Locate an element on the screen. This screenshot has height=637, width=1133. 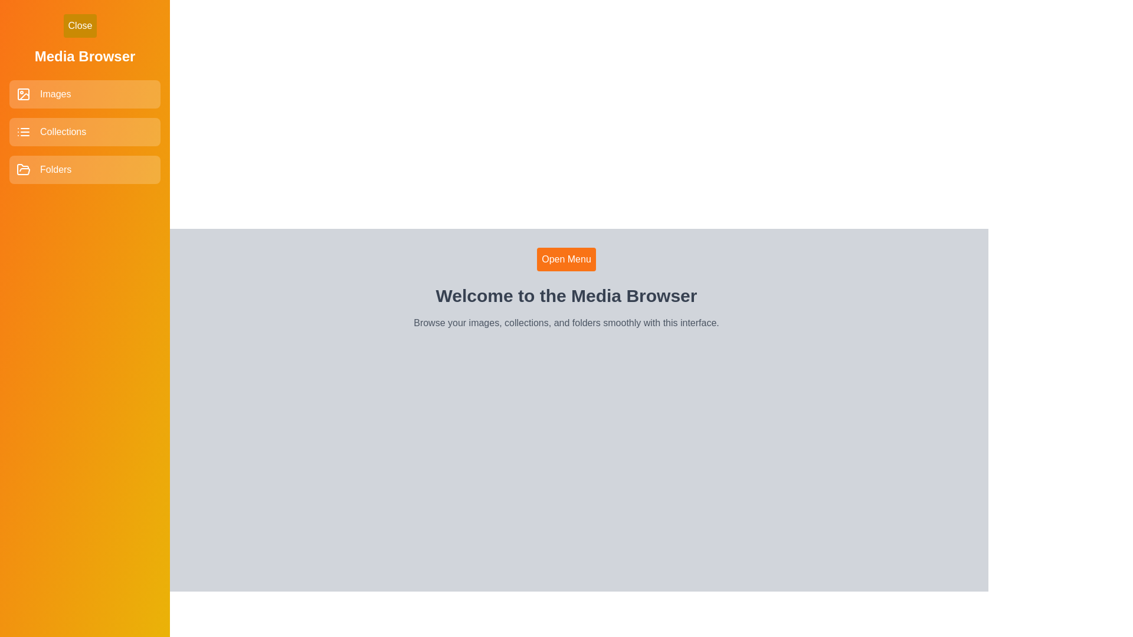
the text 'Welcome to the Media Browser' and copy it to the clipboard is located at coordinates (566, 295).